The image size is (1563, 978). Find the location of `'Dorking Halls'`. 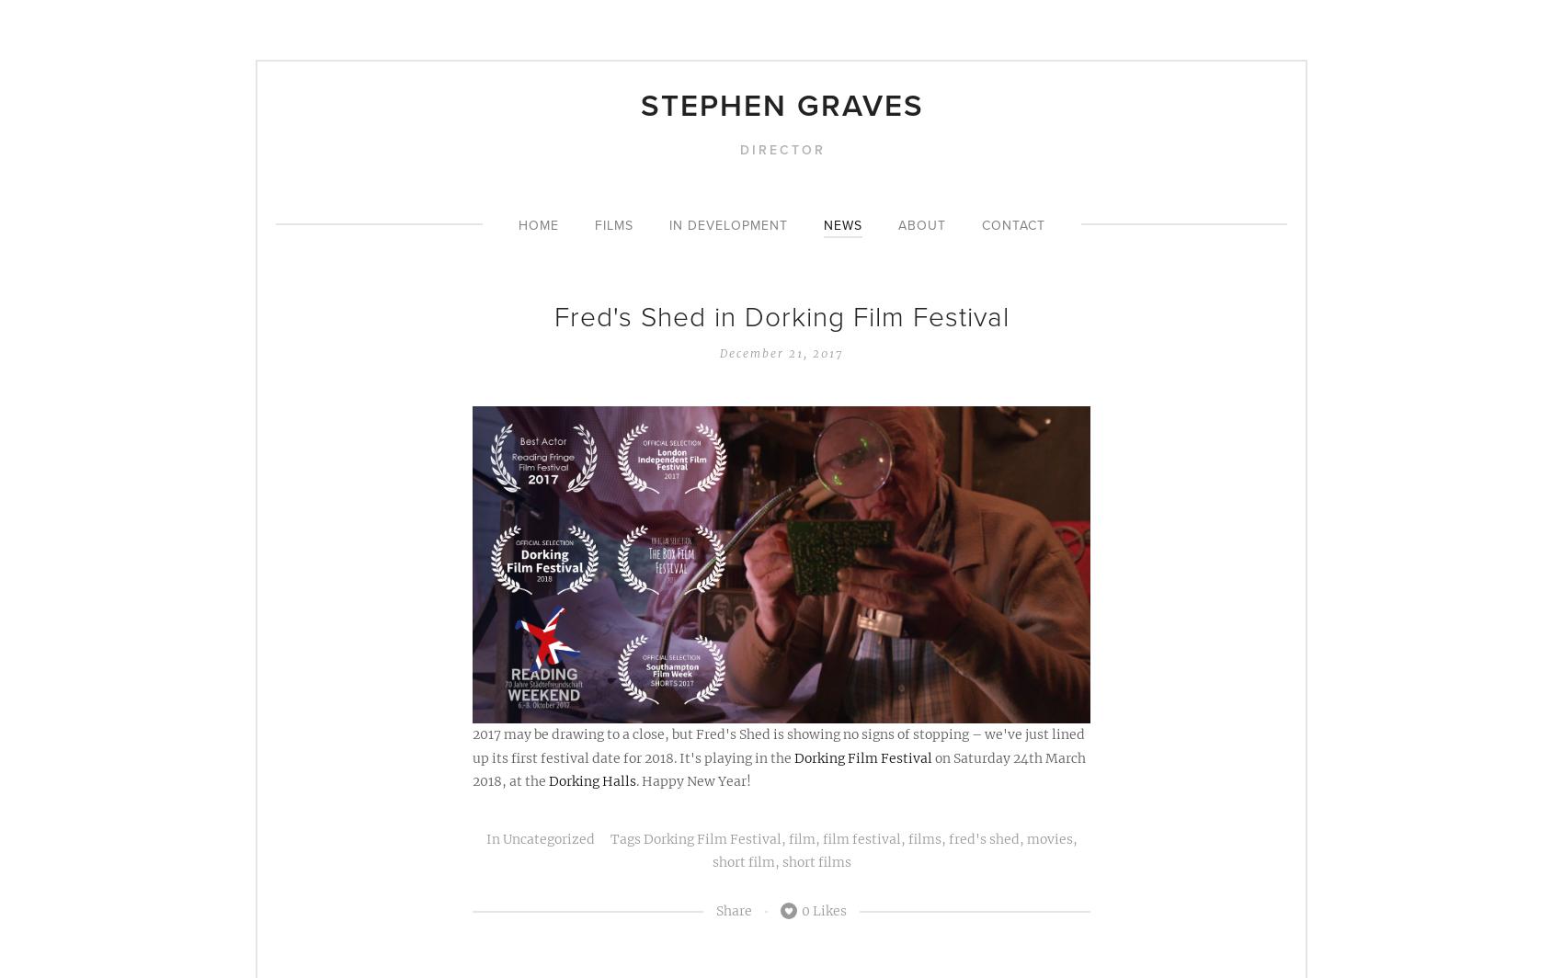

'Dorking Halls' is located at coordinates (592, 779).